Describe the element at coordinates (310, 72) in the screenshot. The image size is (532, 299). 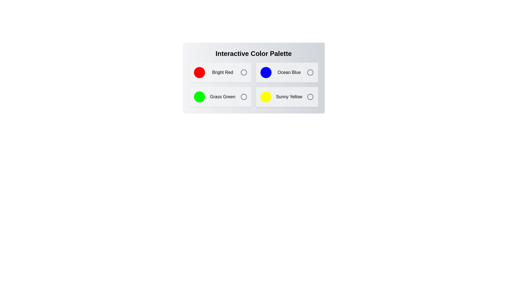
I see `the color Ocean Blue by clicking its corresponding icon` at that location.